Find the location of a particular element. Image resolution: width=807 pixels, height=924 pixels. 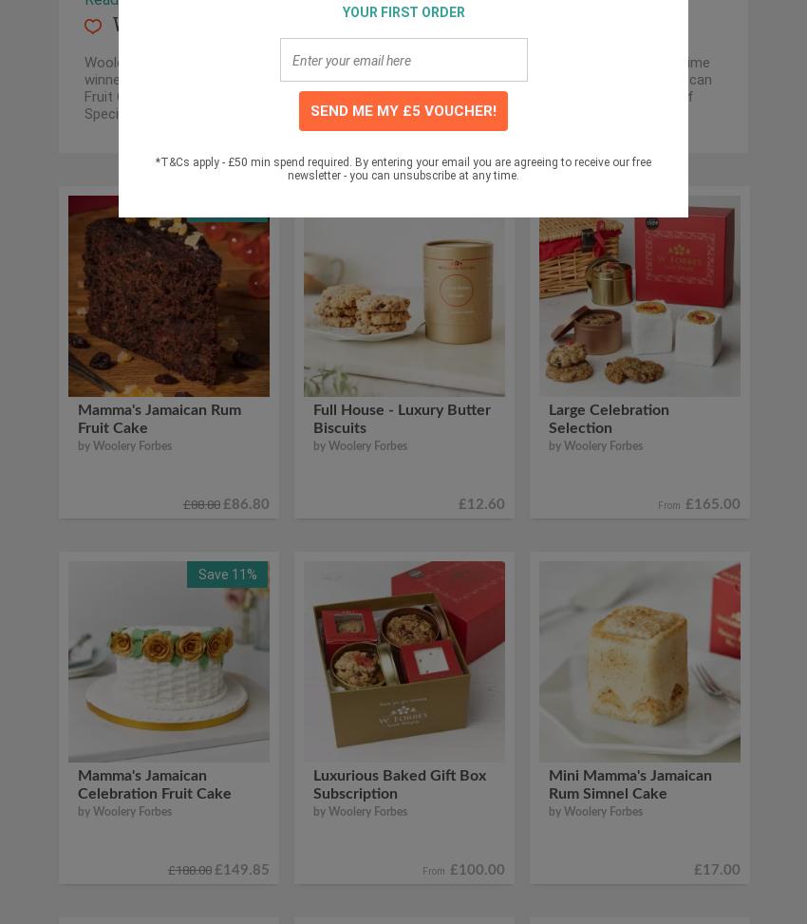

'Mini Mamma's Jamaican Rum Simnel Cake' is located at coordinates (549, 783).